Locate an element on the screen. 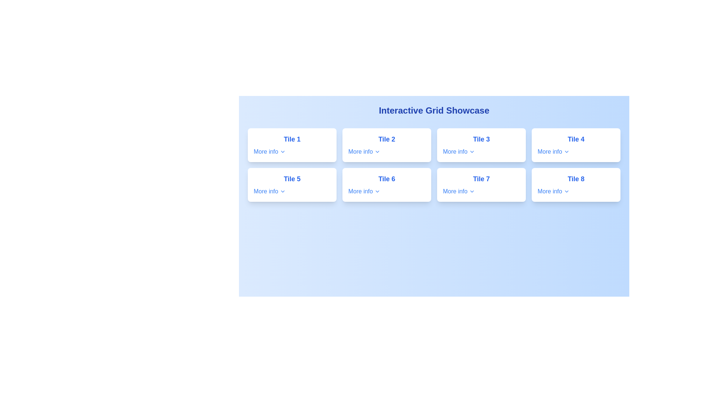 The image size is (707, 397). the 'More info' link on the eighth informational tile located in the fourth column of the second row is located at coordinates (576, 184).